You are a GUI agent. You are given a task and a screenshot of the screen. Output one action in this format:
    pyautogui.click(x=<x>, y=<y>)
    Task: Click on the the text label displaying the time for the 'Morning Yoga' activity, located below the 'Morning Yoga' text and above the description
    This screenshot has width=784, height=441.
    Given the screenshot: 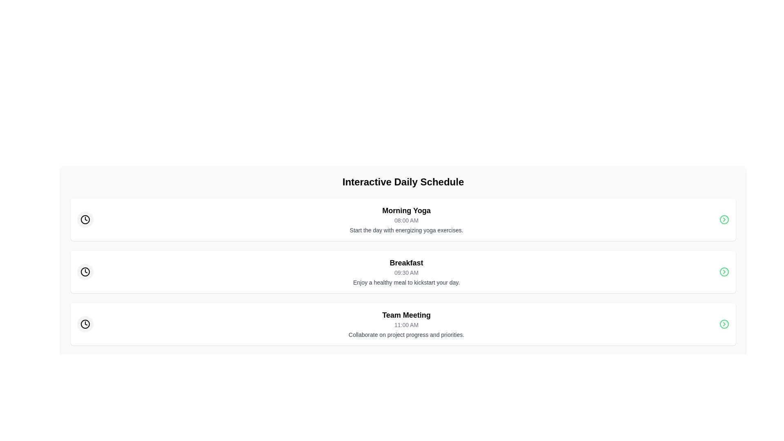 What is the action you would take?
    pyautogui.click(x=406, y=220)
    